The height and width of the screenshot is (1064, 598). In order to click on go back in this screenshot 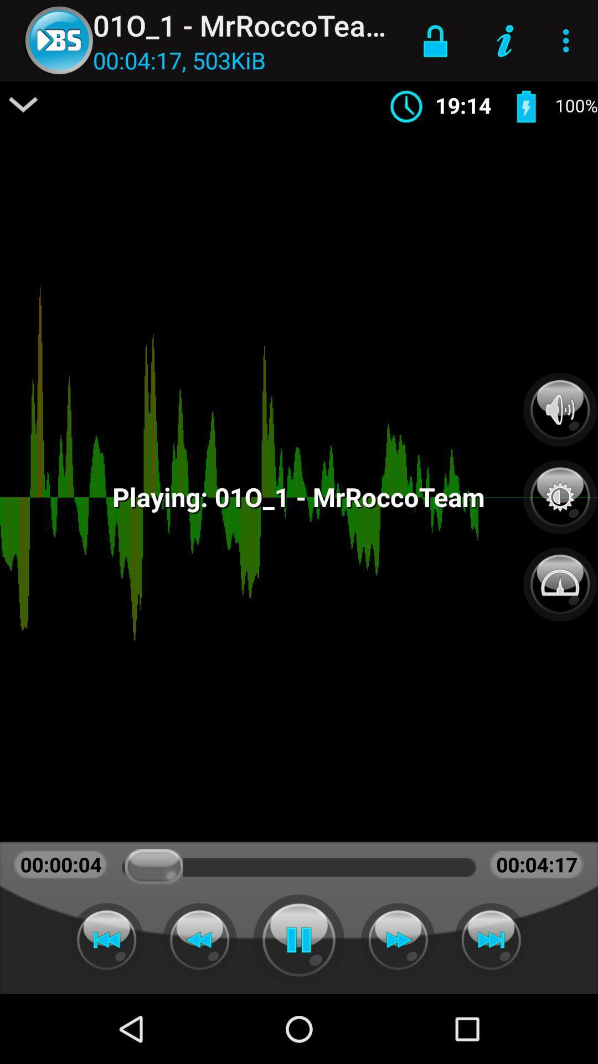, I will do `click(106, 939)`.